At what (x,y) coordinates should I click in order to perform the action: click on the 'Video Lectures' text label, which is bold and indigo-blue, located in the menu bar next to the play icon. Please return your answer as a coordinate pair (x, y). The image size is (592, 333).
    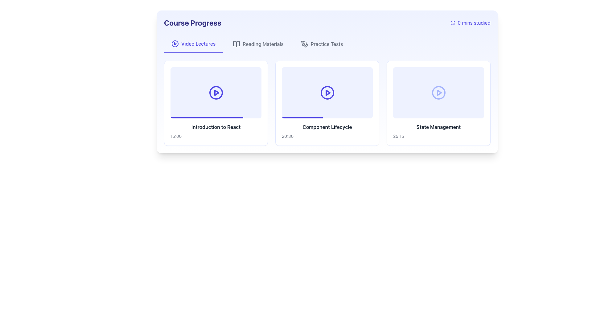
    Looking at the image, I should click on (198, 43).